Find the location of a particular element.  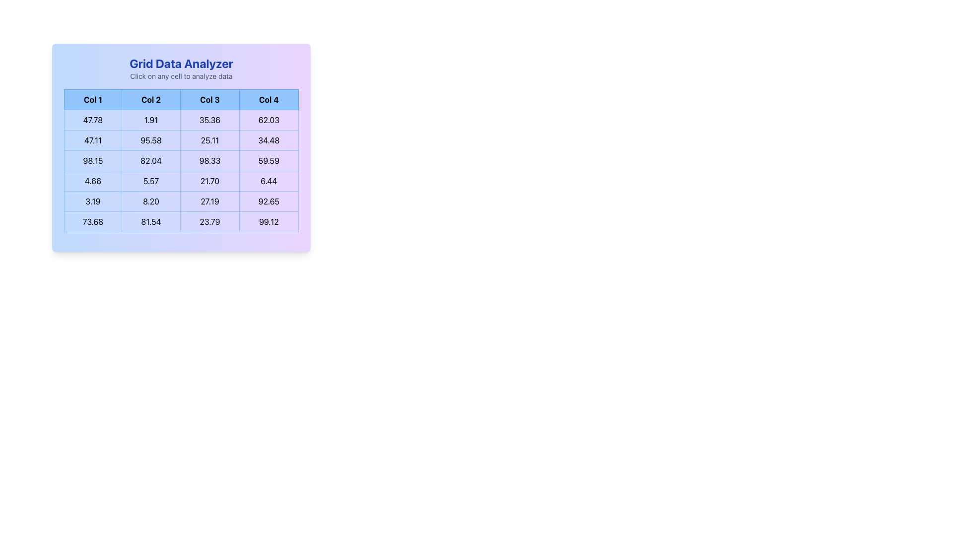

the Table Header Cell labeled 'Col 1' which is styled with a light blue background and contains bold black text is located at coordinates (93, 99).